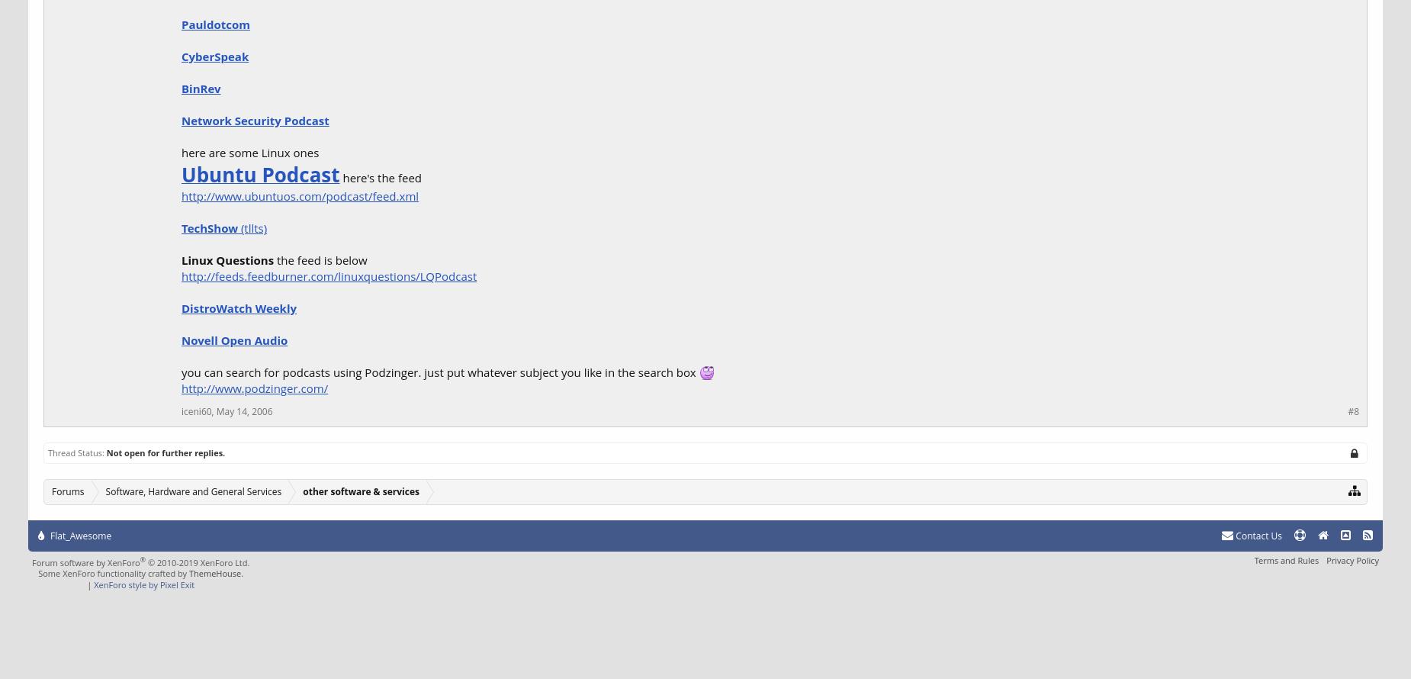  I want to click on 'here's the feed', so click(338, 177).